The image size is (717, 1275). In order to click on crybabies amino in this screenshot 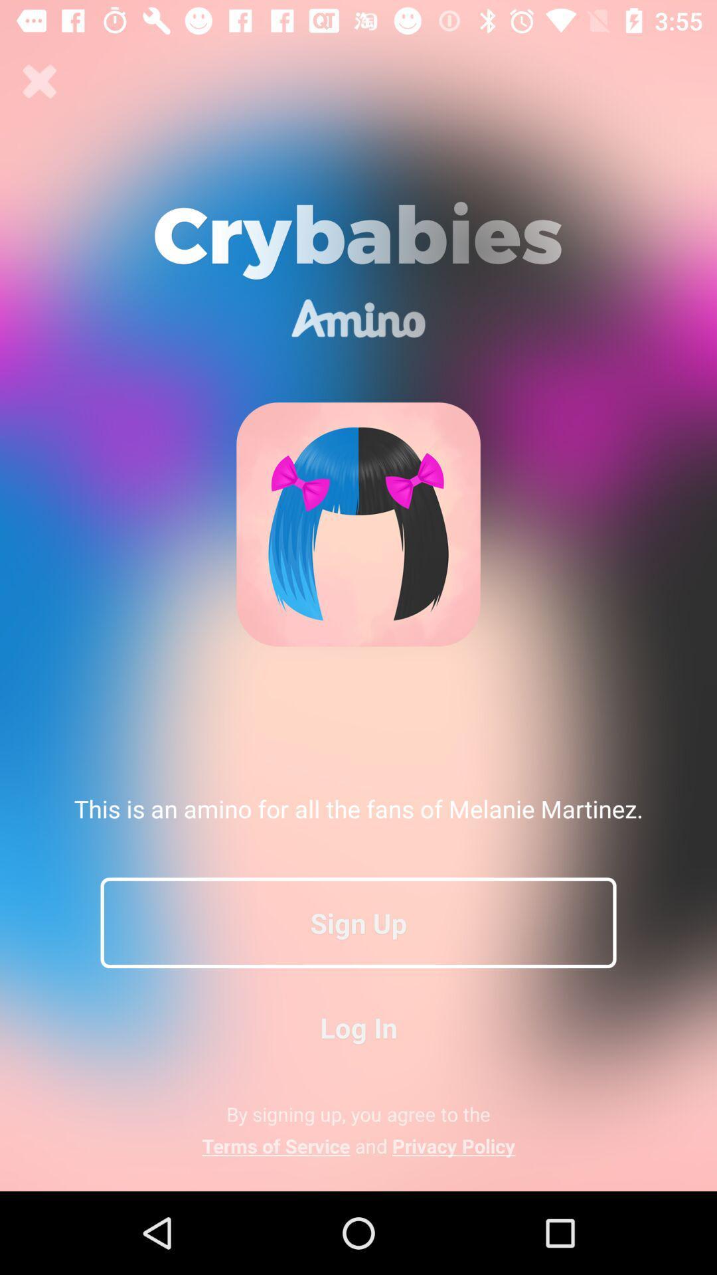, I will do `click(39, 81)`.